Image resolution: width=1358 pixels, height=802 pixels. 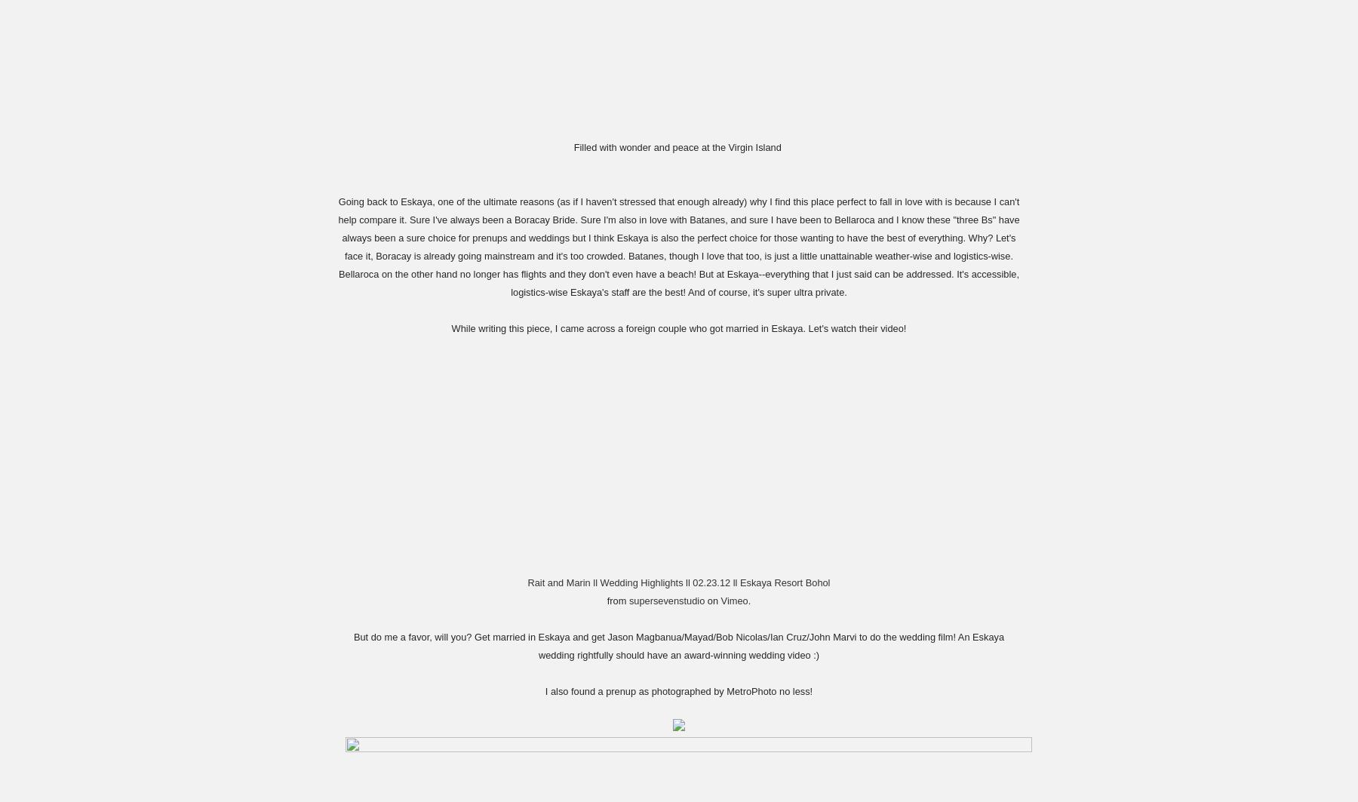 I want to click on 'I also found a prenup as photographed by MetroPhoto no less!', so click(x=678, y=690).